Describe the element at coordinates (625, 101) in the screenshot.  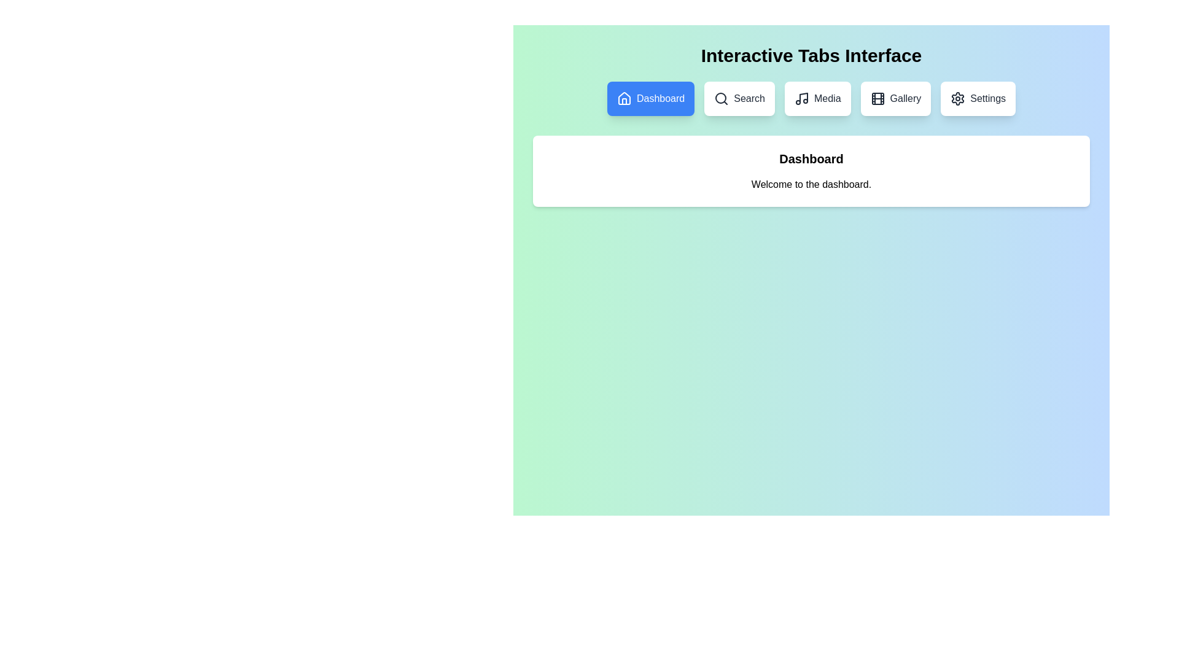
I see `the small vertical decorative graphic element resembling a rectangular line located at the center-bottom area of the larger house icon in the SVG design` at that location.